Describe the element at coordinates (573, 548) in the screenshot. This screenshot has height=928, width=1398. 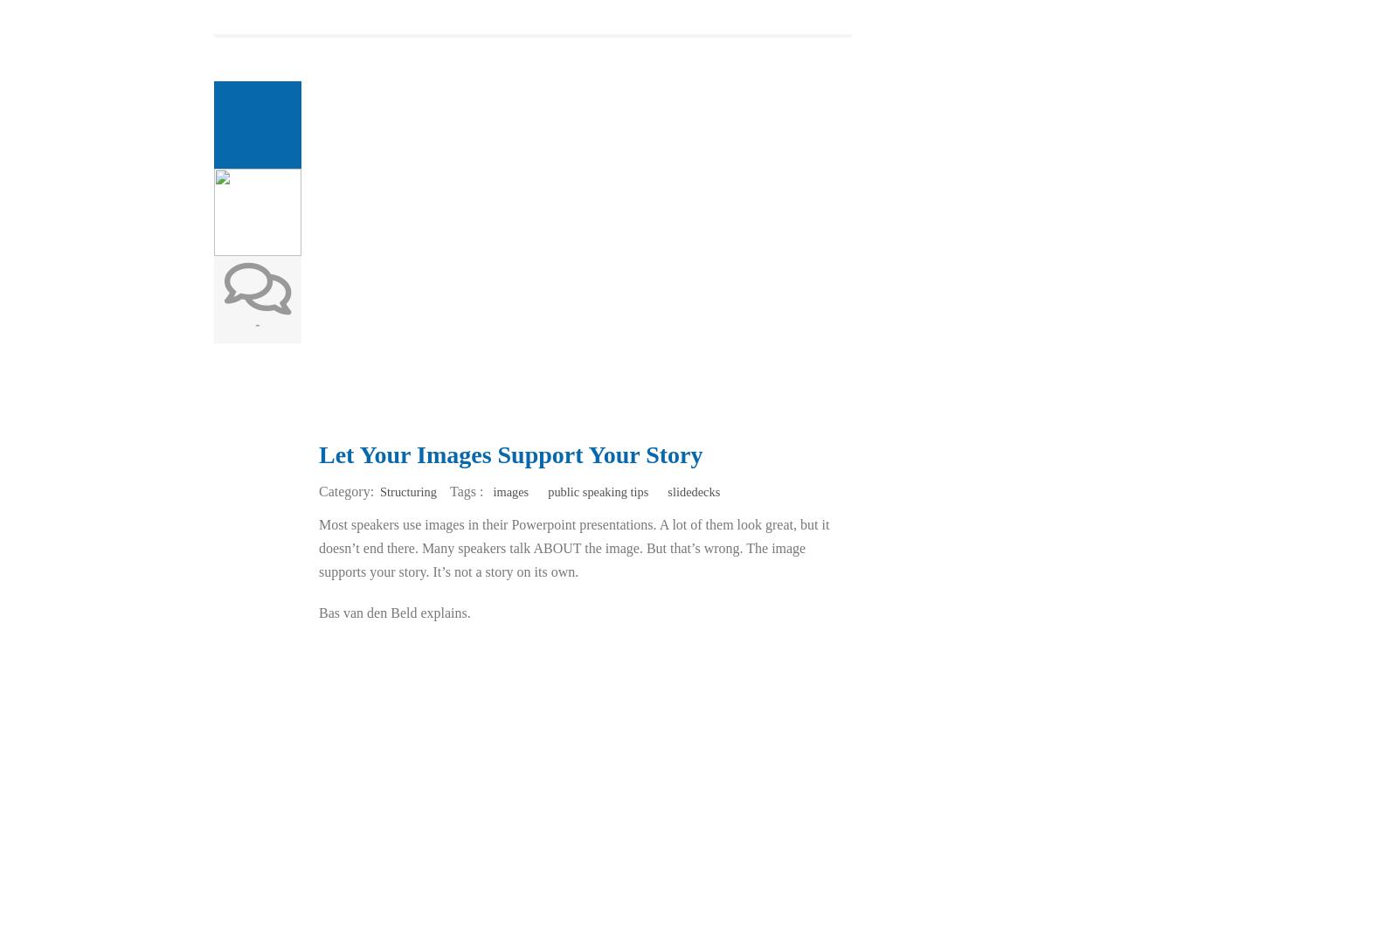
I see `'Most speakers use images in their Powerpoint presentations. A lot of them look great, but it doesn’t end there. Many speakers talk ABOUT the image. But that’s wrong. The image supports your story. It’s not a story on its own.'` at that location.